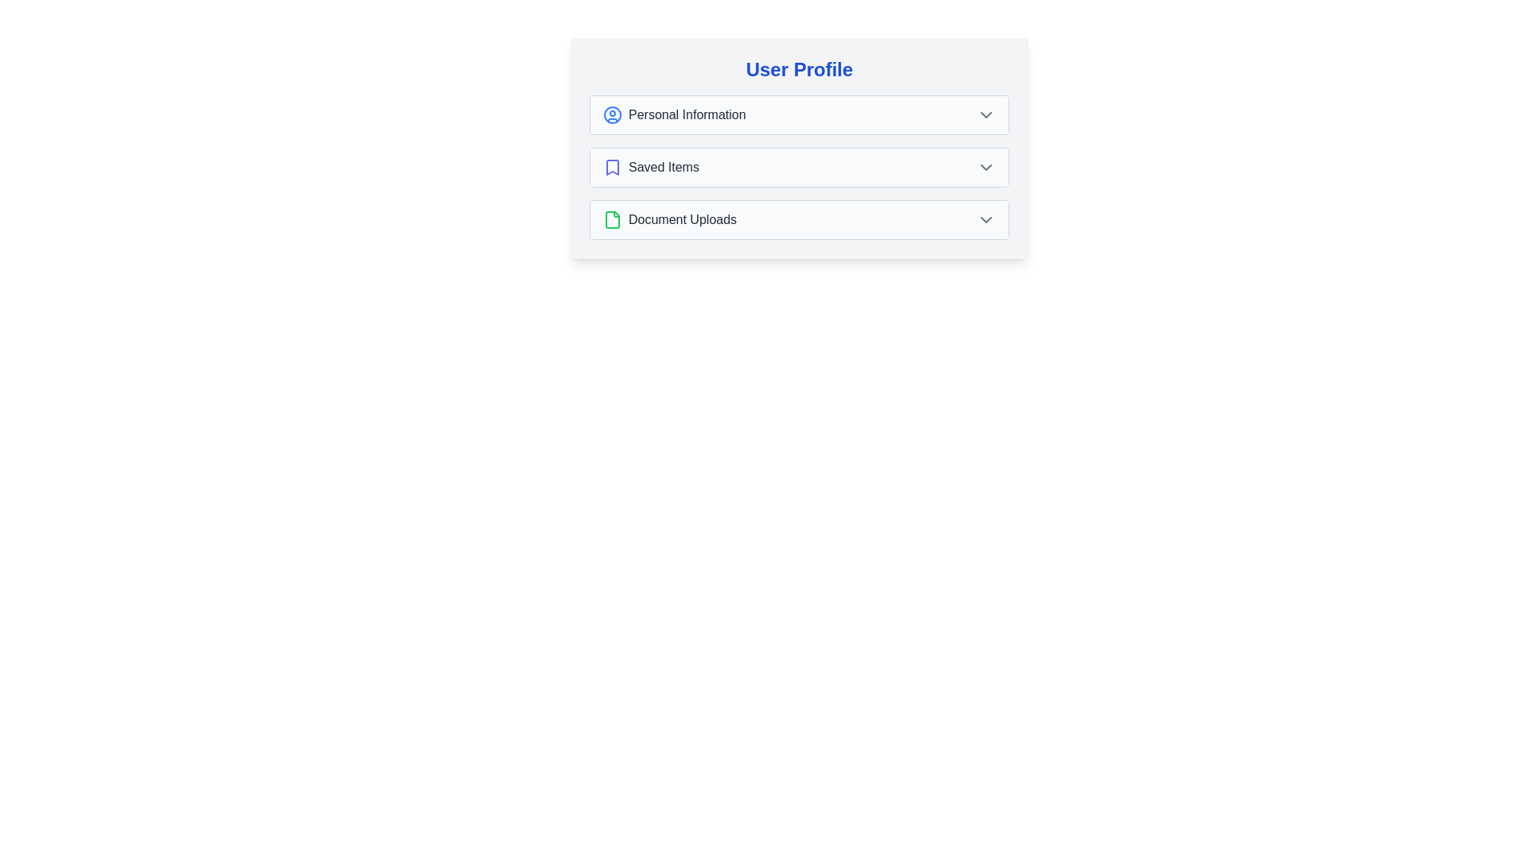  I want to click on the down-pointing chevron icon on the right end of the 'Document Uploads' row, so click(986, 220).